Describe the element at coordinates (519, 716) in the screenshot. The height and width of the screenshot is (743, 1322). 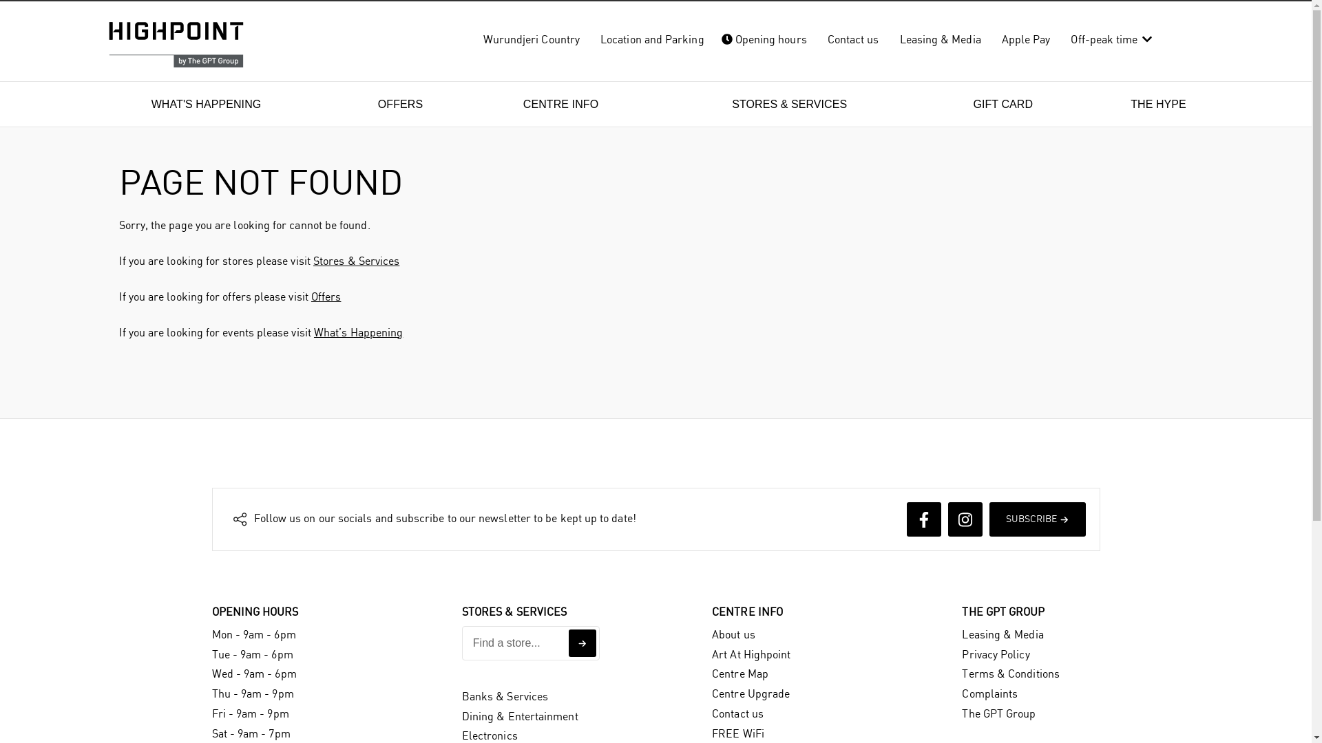
I see `'Dining & Entertainment'` at that location.